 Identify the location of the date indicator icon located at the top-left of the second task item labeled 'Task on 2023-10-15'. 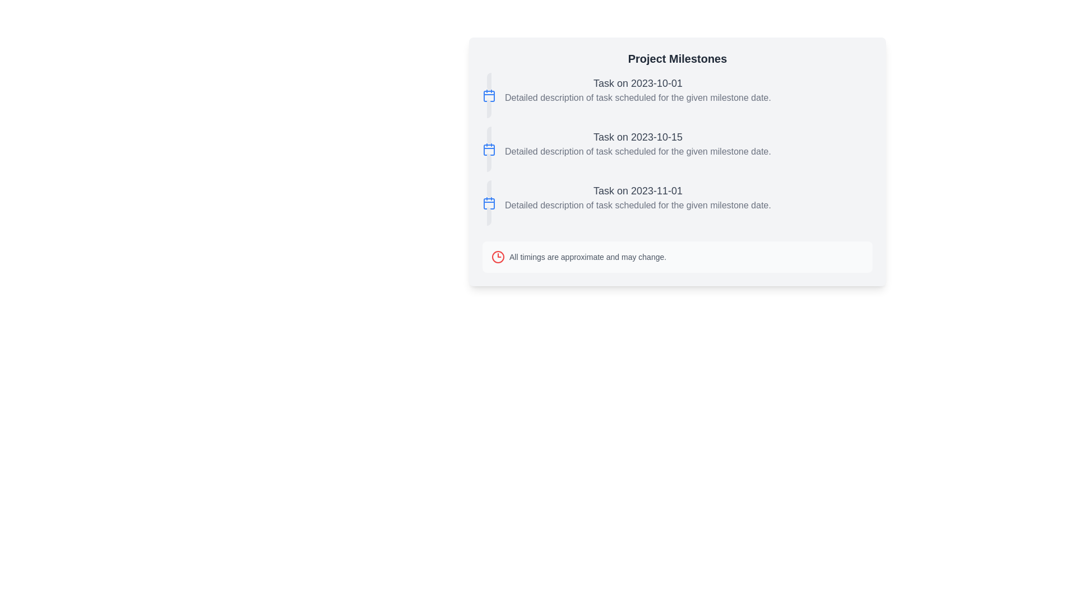
(489, 148).